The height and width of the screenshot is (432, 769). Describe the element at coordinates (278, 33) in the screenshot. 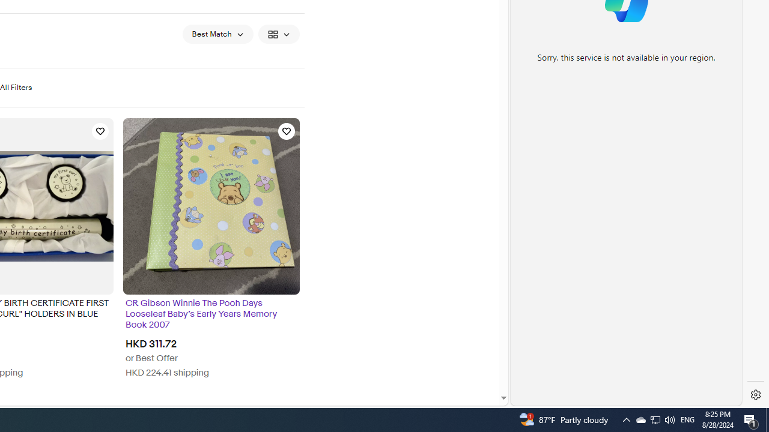

I see `'View: Gallery View'` at that location.